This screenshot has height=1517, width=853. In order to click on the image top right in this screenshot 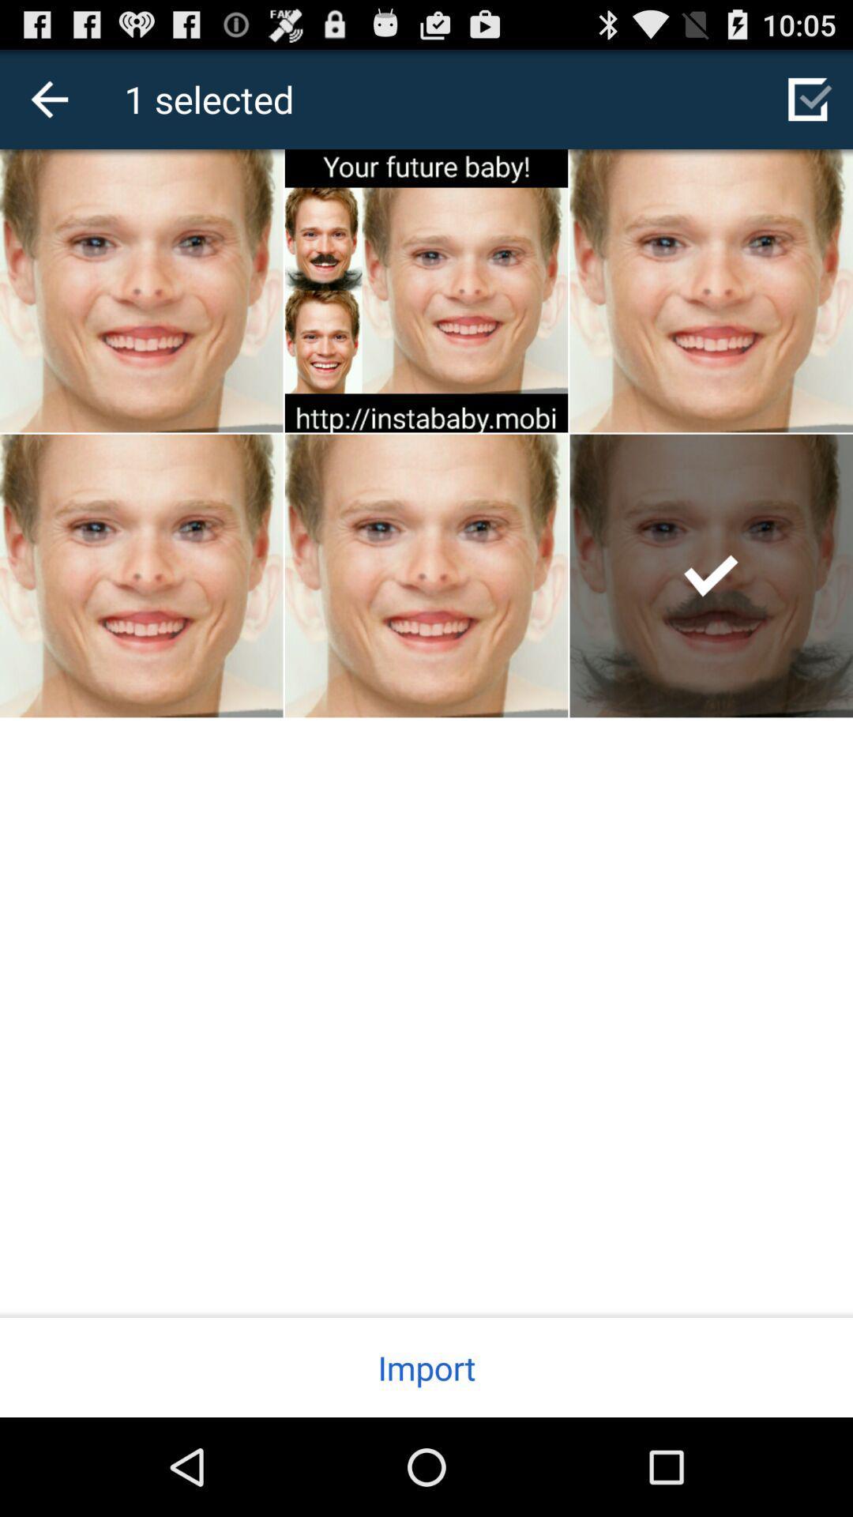, I will do `click(712, 291)`.